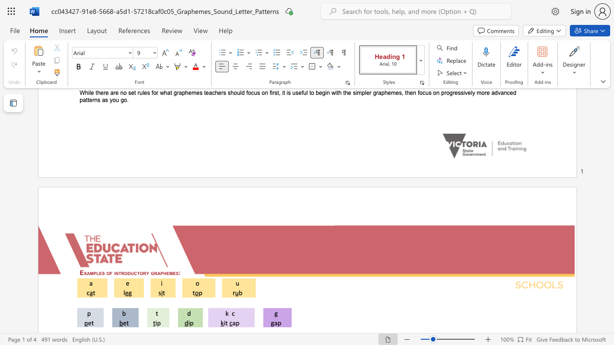 This screenshot has height=345, width=614. I want to click on the subset text "es" within the text "Examples of introductory graphemes:", so click(173, 273).